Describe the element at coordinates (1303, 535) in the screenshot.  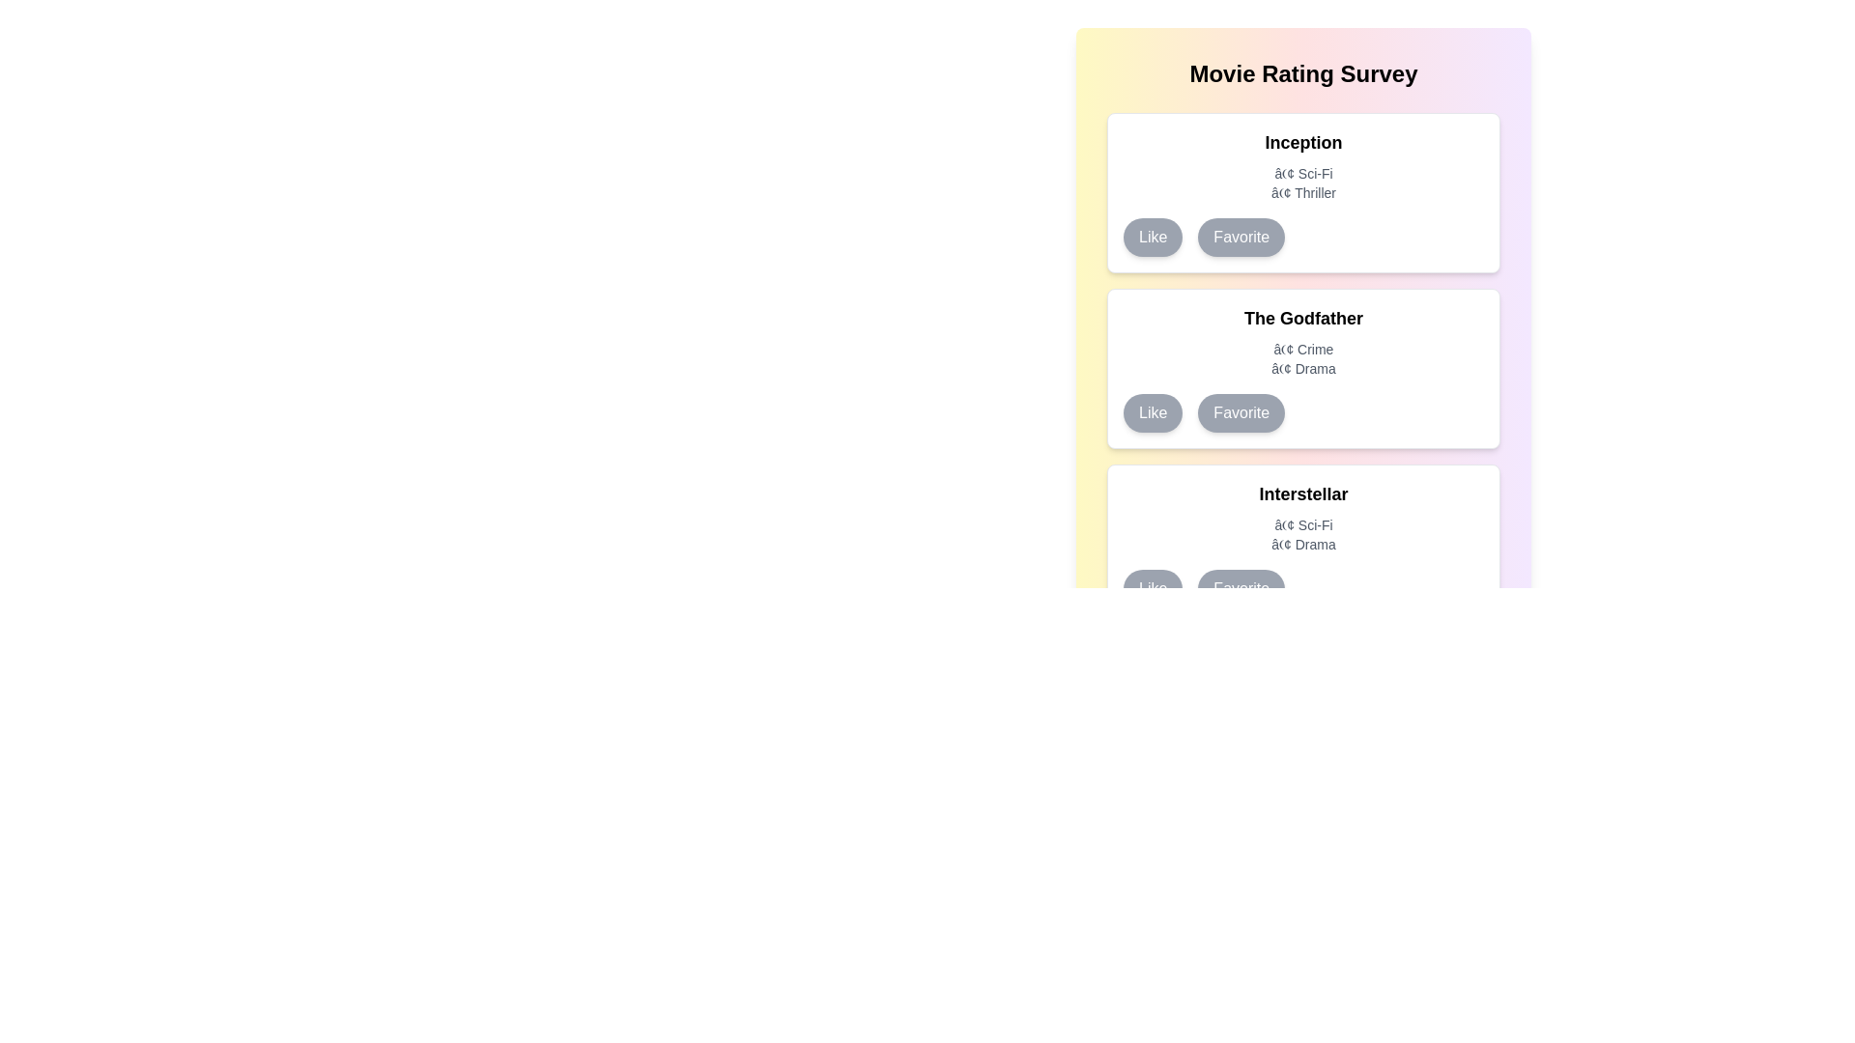
I see `the text display element that lists the genres of the movie 'Interstellar', located centrally in the card below the movie name` at that location.